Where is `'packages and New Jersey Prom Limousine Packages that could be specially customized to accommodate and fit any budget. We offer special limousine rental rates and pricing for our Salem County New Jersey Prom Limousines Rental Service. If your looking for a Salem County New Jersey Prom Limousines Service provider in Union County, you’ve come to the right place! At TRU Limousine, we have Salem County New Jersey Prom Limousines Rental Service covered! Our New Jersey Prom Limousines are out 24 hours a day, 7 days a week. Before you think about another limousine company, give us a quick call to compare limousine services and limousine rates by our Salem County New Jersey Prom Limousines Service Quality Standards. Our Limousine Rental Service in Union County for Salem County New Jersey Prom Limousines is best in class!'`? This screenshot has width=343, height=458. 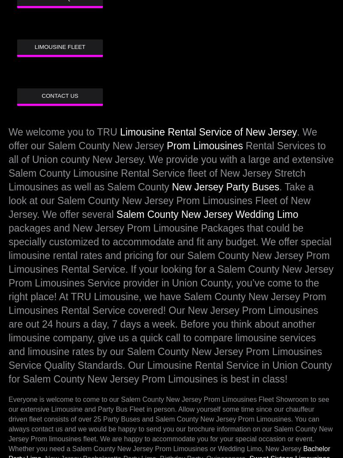 'packages and New Jersey Prom Limousine Packages that could be specially customized to accommodate and fit any budget. We offer special limousine rental rates and pricing for our Salem County New Jersey Prom Limousines Rental Service. If your looking for a Salem County New Jersey Prom Limousines Service provider in Union County, you’ve come to the right place! At TRU Limousine, we have Salem County New Jersey Prom Limousines Rental Service covered! Our New Jersey Prom Limousines are out 24 hours a day, 7 days a week. Before you think about another limousine company, give us a quick call to compare limousine services and limousine rates by our Salem County New Jersey Prom Limousines Service Quality Standards. Our Limousine Rental Service in Union County for Salem County New Jersey Prom Limousines is best in class!' is located at coordinates (171, 303).